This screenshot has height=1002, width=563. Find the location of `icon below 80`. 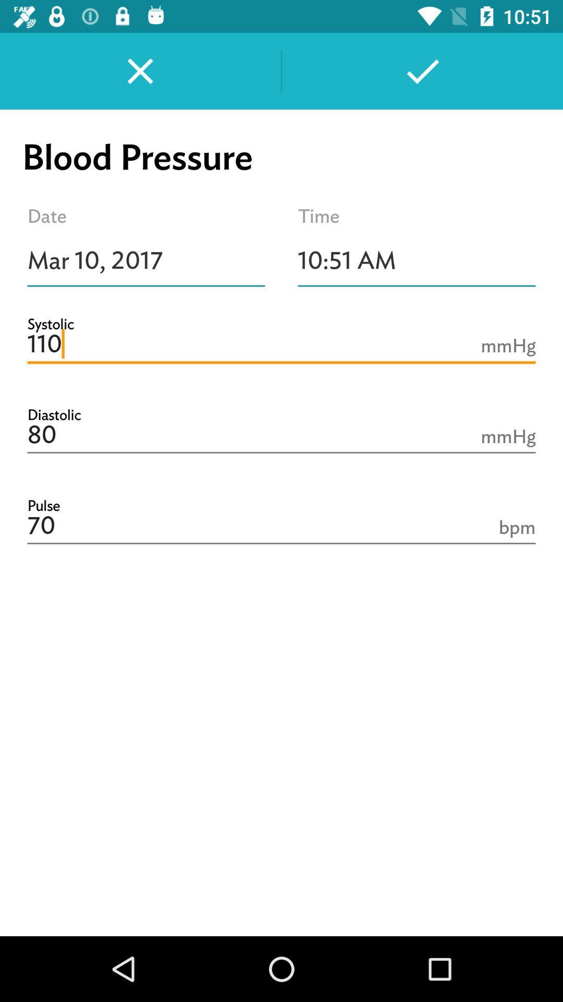

icon below 80 is located at coordinates (281, 526).